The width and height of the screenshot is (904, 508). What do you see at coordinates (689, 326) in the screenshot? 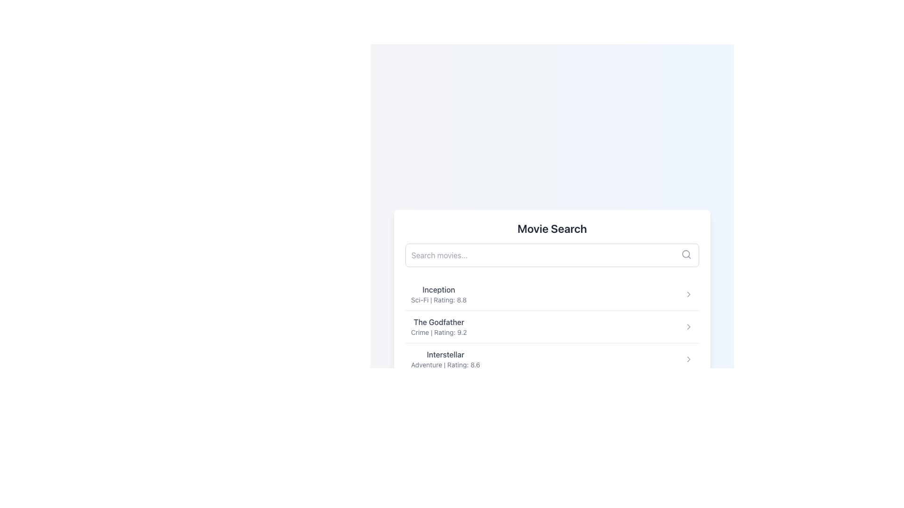
I see `the right-facing chevron icon located to the far right of the second list item labeled 'The Godfather Crime | Rating: 9.2' under the 'Movie Search' title` at bounding box center [689, 326].